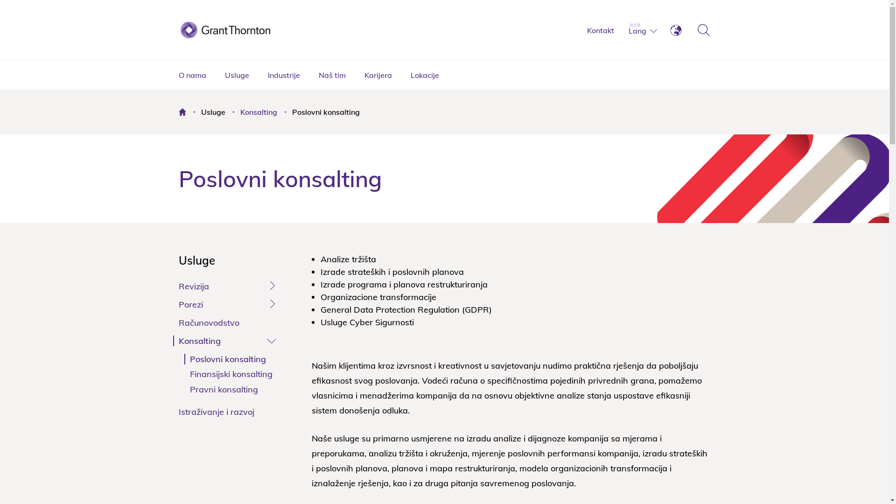  What do you see at coordinates (253, 26) in the screenshot?
I see `'Grant Thornton'` at bounding box center [253, 26].